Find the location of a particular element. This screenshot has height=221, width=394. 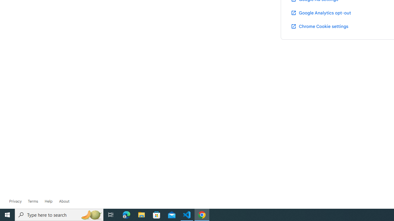

'Help' is located at coordinates (48, 201).